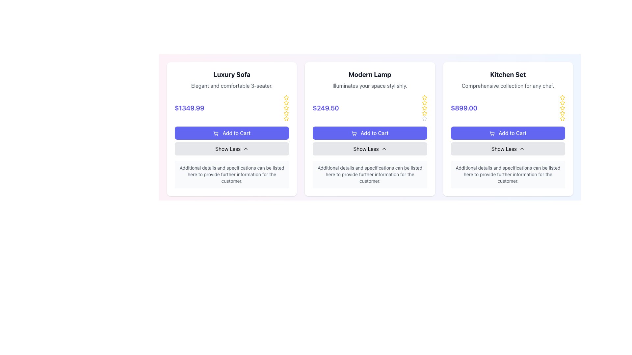 Image resolution: width=632 pixels, height=355 pixels. I want to click on the fifth star icon in the rating section for the 'Kitchen Set' product, which serves as the last indicator of the rating component, so click(562, 119).